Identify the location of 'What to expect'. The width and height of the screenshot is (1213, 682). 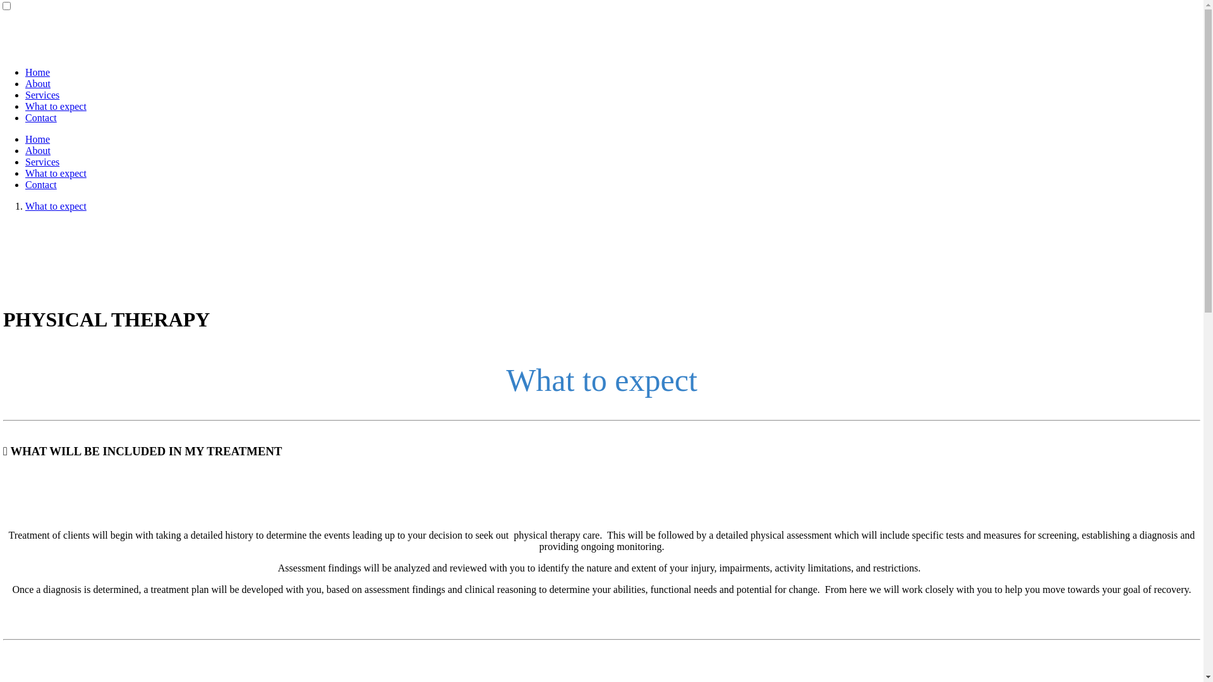
(55, 105).